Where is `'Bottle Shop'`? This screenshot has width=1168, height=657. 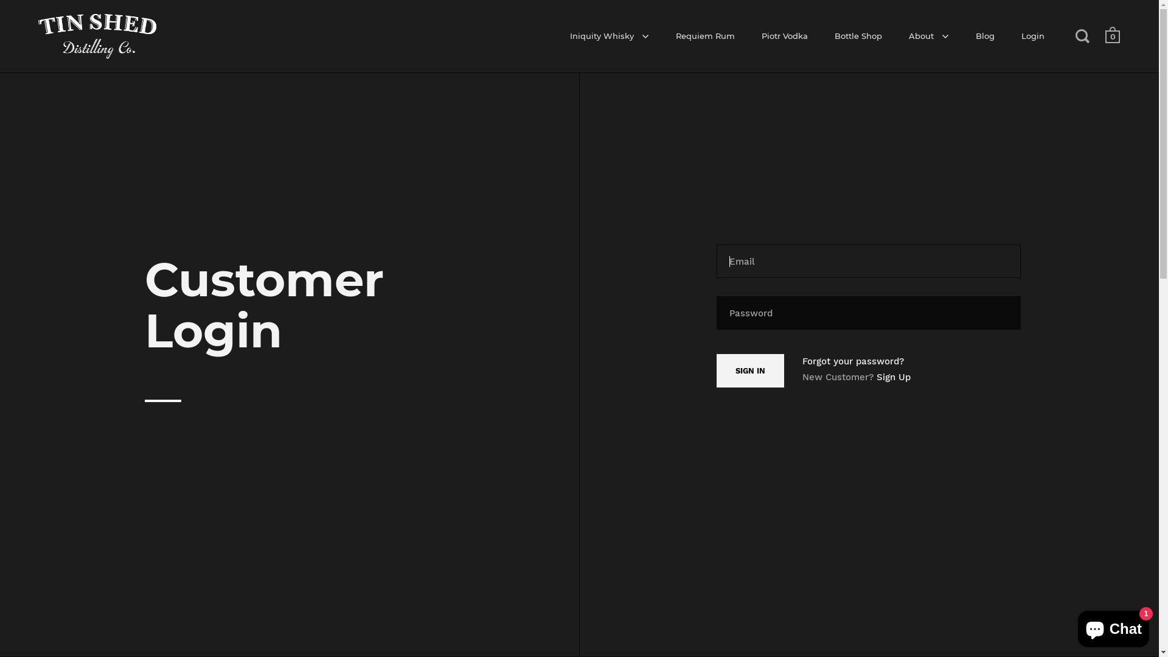 'Bottle Shop' is located at coordinates (858, 35).